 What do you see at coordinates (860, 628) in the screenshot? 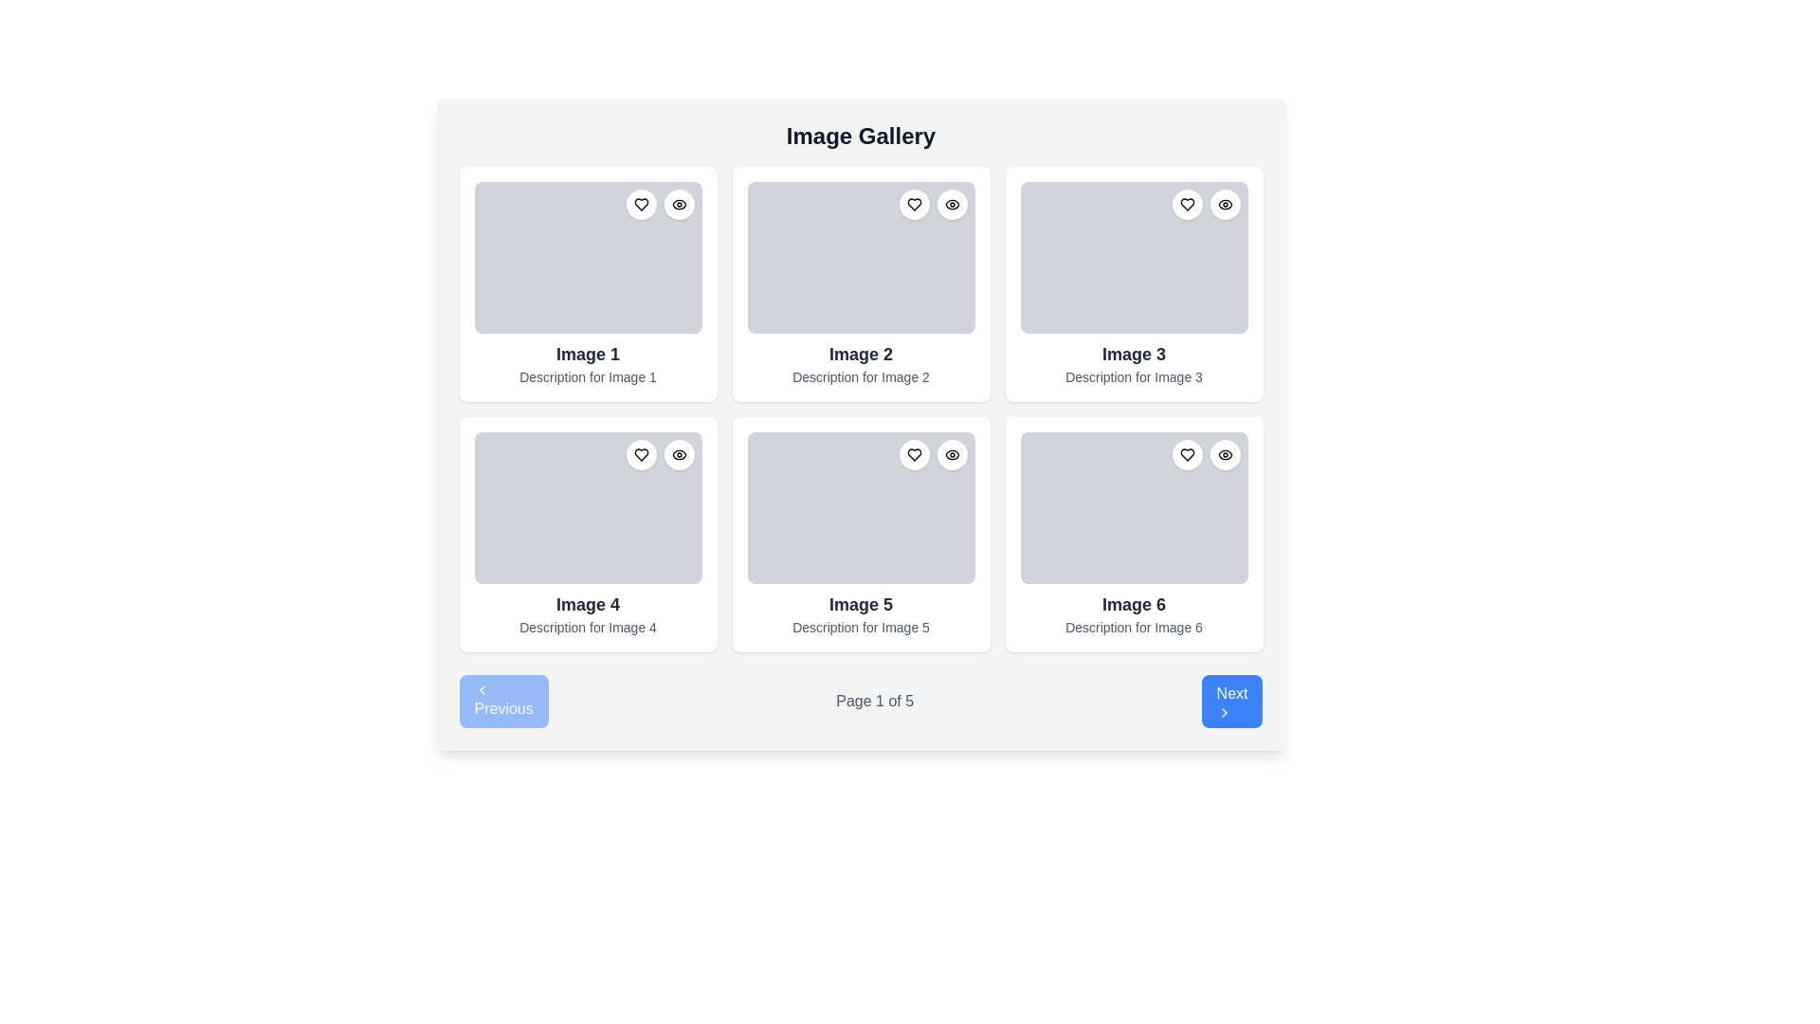
I see `text label that provides a description for 'Image 5', located at the bottom of the card underneath its title` at bounding box center [860, 628].